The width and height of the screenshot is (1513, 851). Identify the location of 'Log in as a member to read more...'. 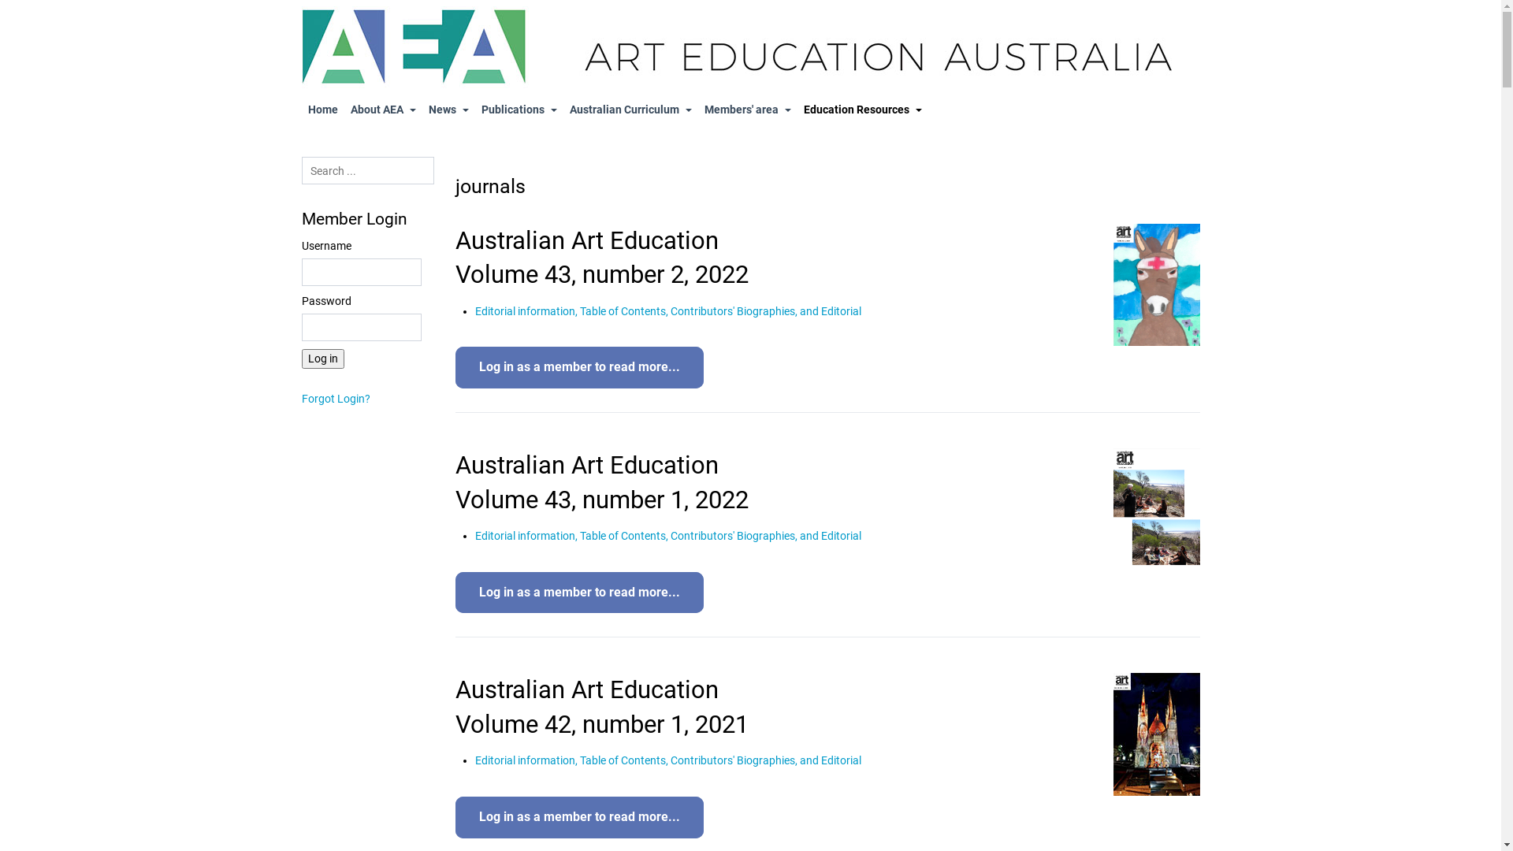
(578, 367).